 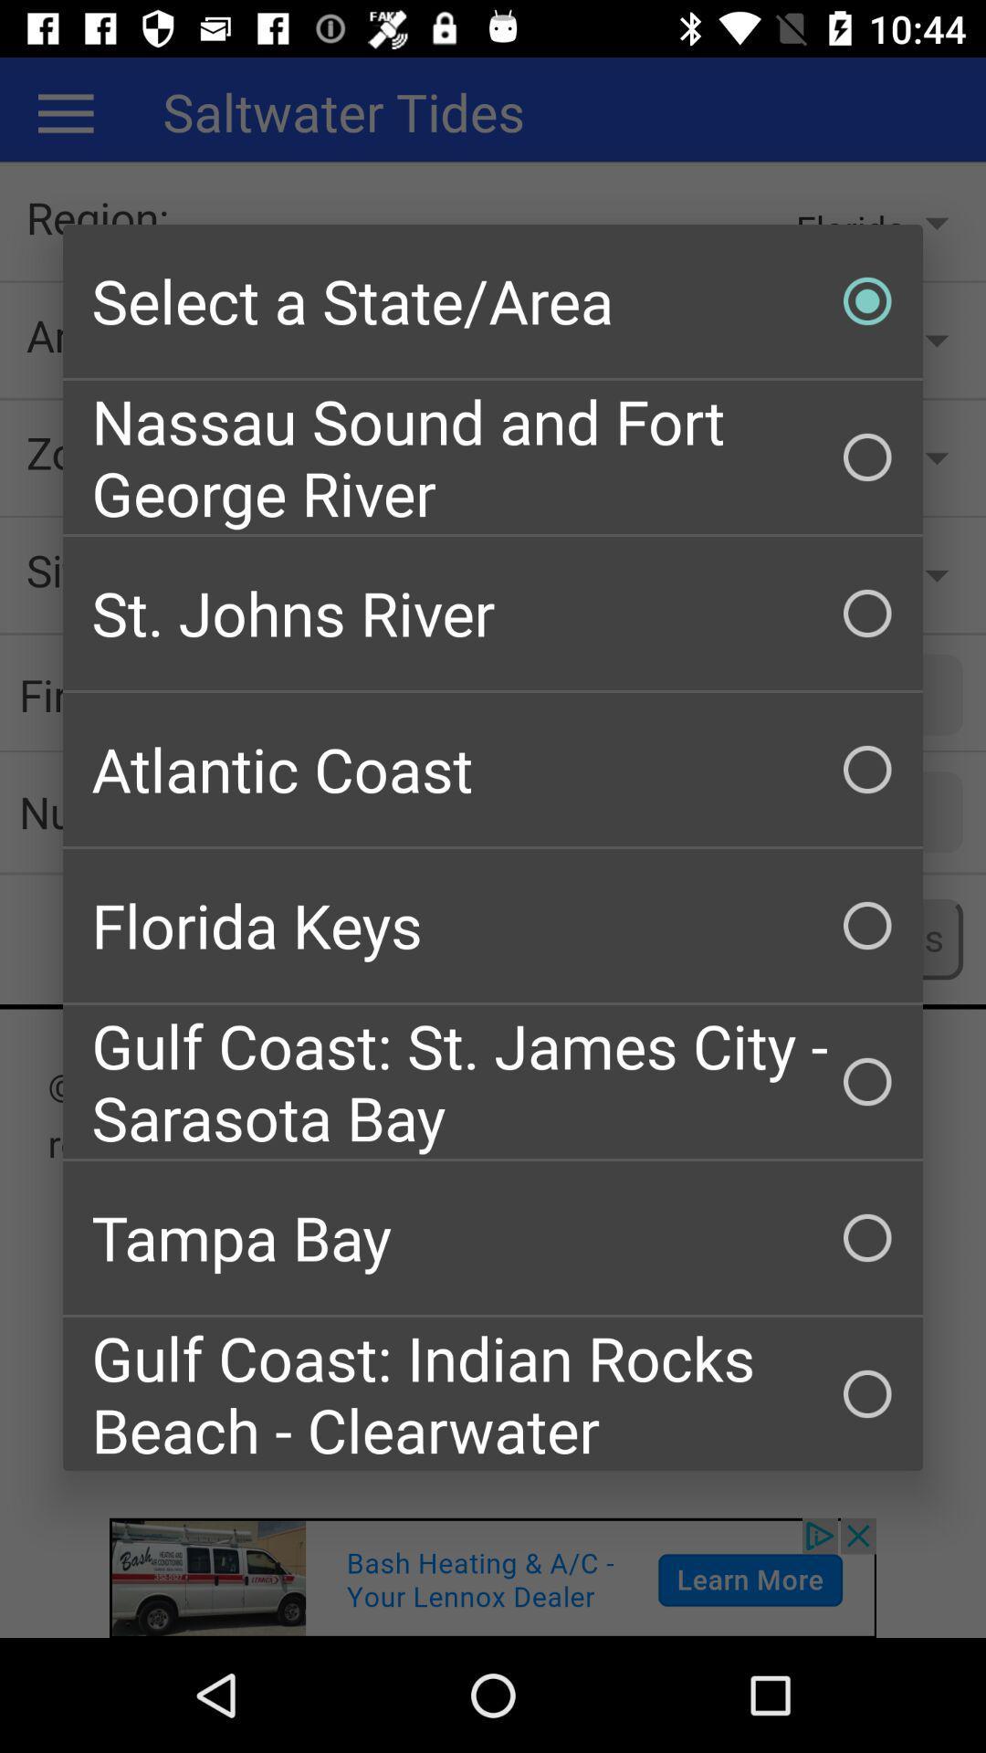 What do you see at coordinates (493, 770) in the screenshot?
I see `the atlantic coast checkbox` at bounding box center [493, 770].